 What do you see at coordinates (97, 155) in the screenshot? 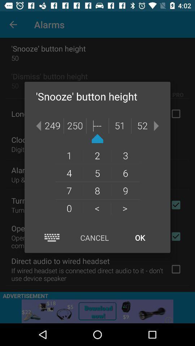
I see `item to the right of 1` at bounding box center [97, 155].